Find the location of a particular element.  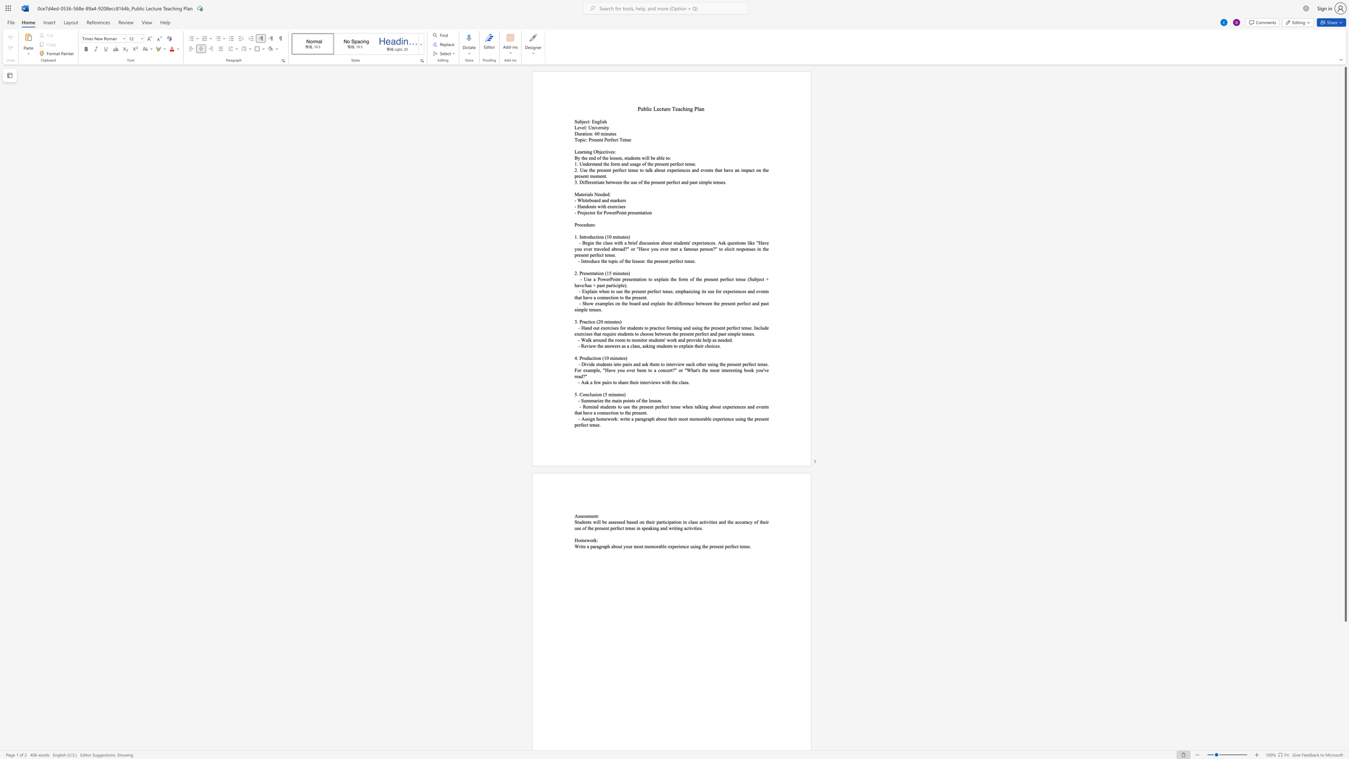

the scrollbar to scroll downward is located at coordinates (1345, 723).